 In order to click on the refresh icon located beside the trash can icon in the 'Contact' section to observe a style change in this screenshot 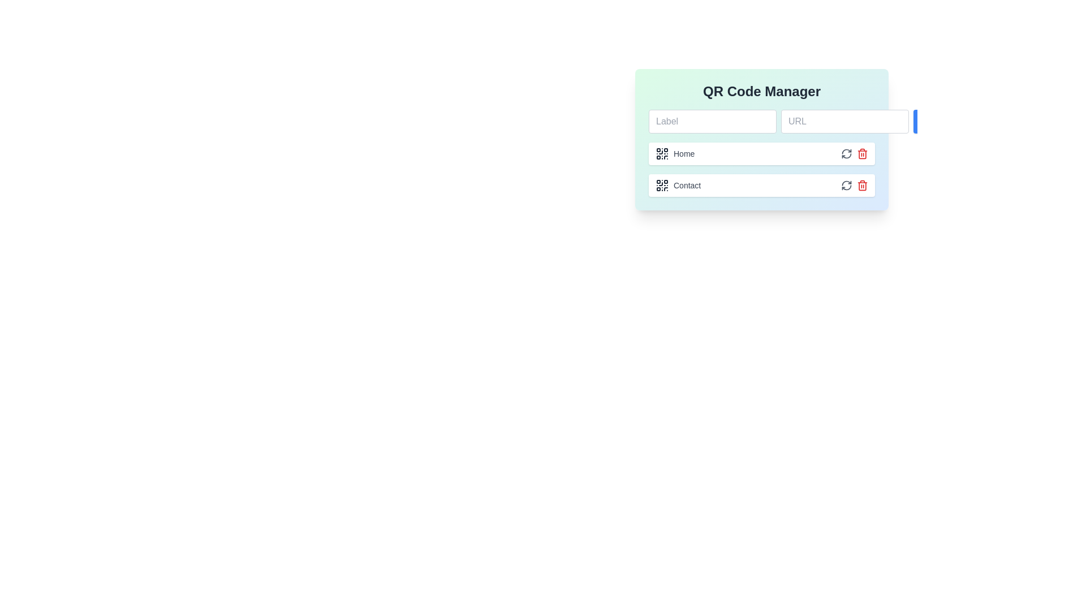, I will do `click(847, 184)`.